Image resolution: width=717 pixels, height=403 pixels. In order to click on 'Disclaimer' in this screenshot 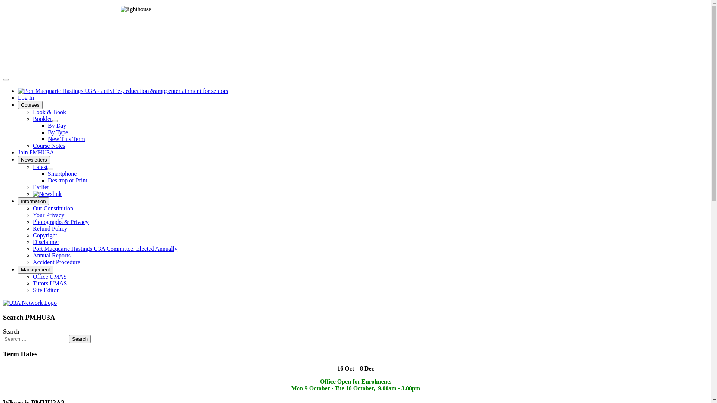, I will do `click(32, 242)`.